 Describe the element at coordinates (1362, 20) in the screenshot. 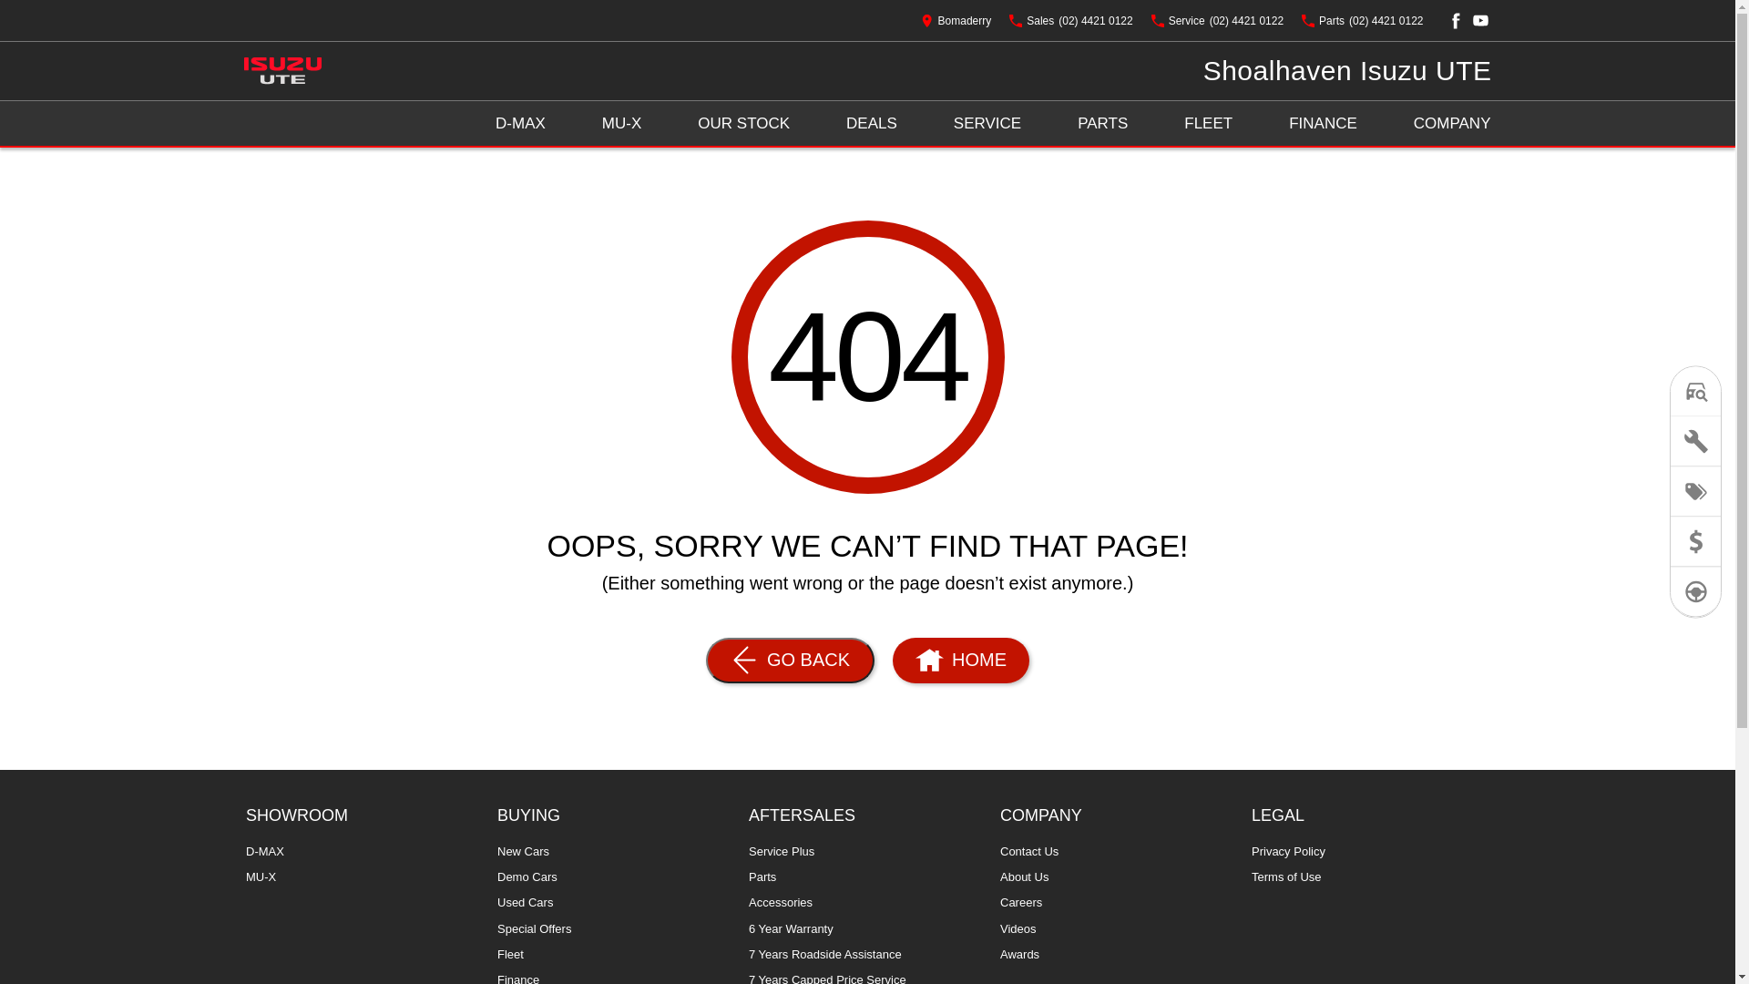

I see `'Parts` at that location.